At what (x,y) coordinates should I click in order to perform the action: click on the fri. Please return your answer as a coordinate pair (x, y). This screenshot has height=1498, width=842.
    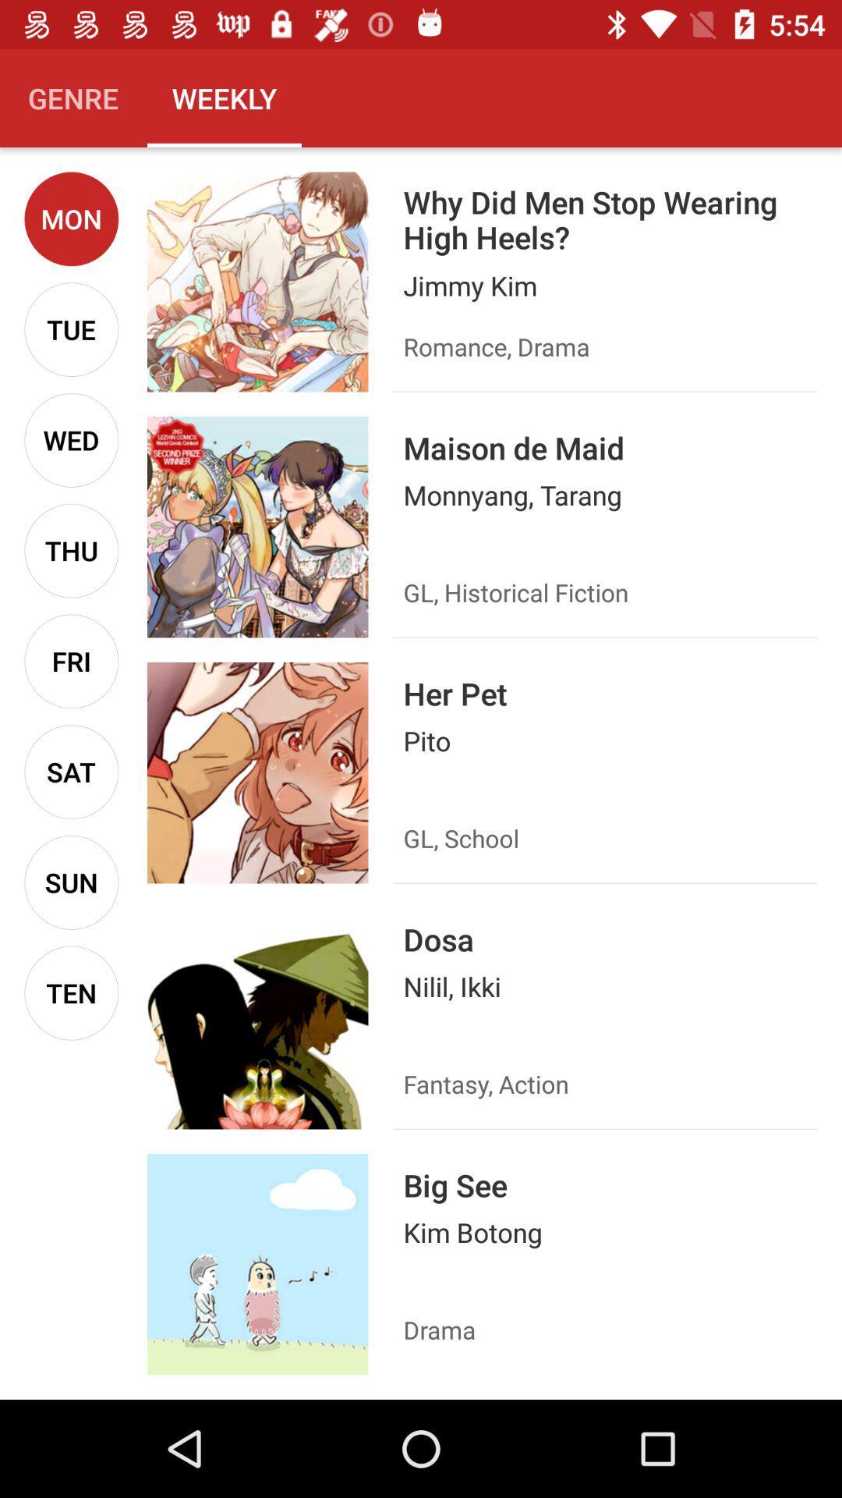
    Looking at the image, I should click on (71, 661).